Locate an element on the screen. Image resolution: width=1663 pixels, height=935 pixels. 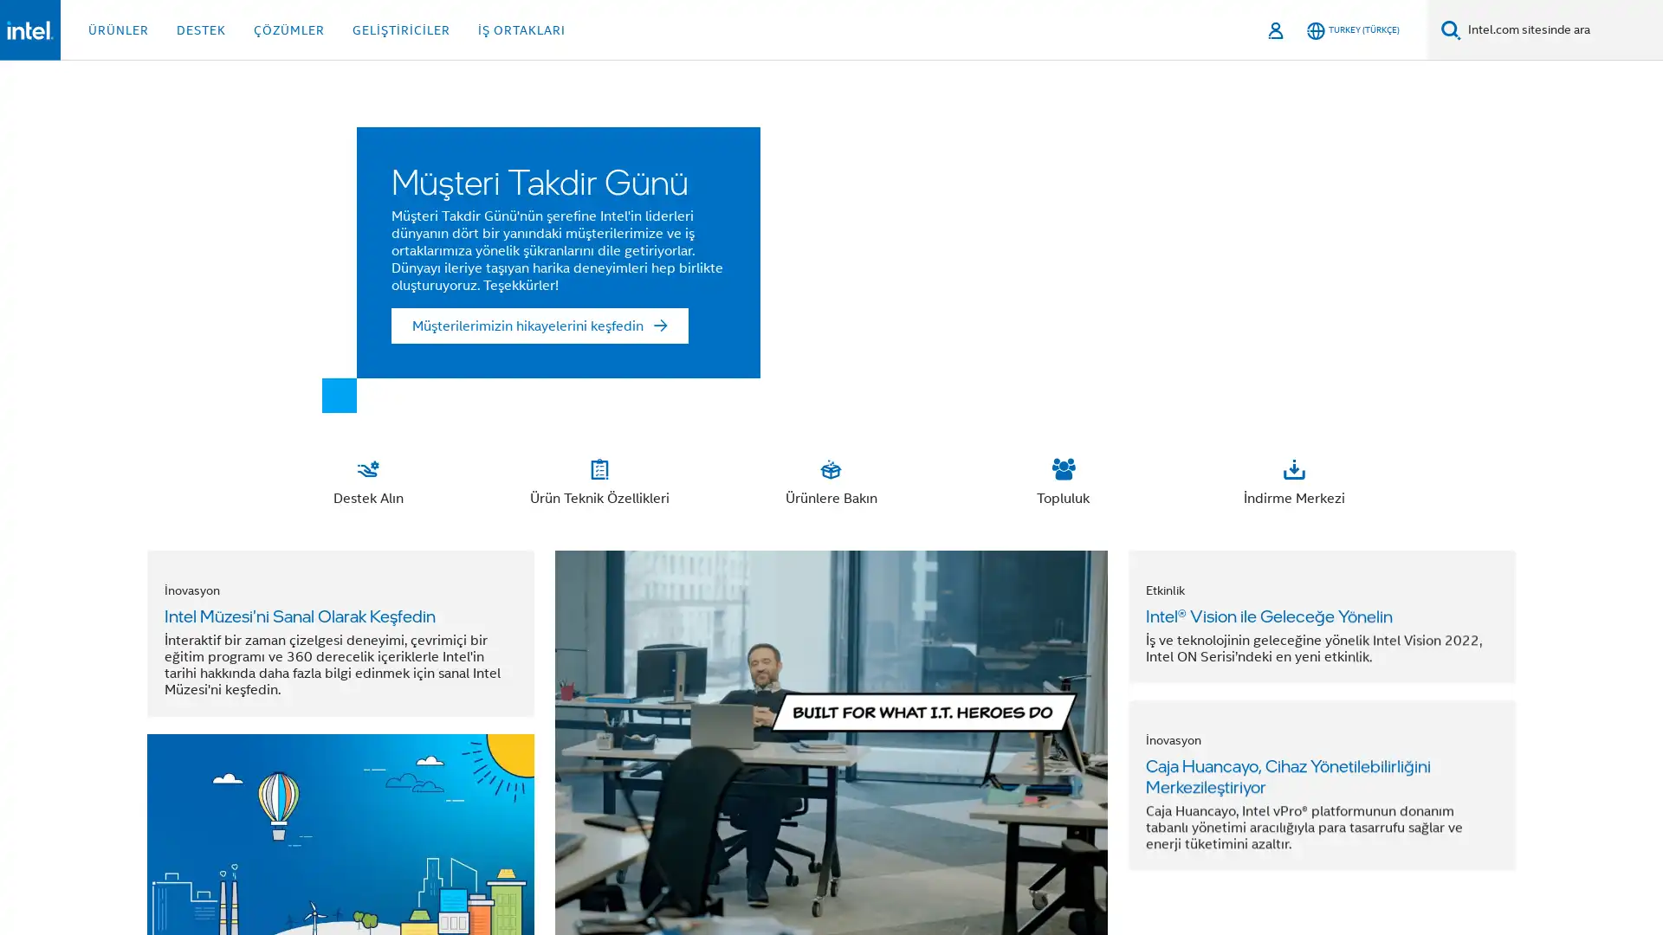
Search is located at coordinates (1451, 29).